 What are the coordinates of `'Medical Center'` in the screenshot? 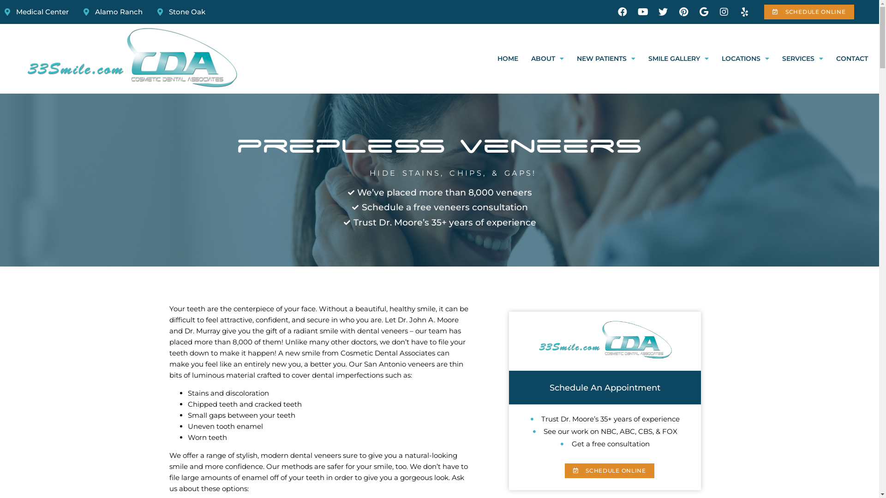 It's located at (36, 12).